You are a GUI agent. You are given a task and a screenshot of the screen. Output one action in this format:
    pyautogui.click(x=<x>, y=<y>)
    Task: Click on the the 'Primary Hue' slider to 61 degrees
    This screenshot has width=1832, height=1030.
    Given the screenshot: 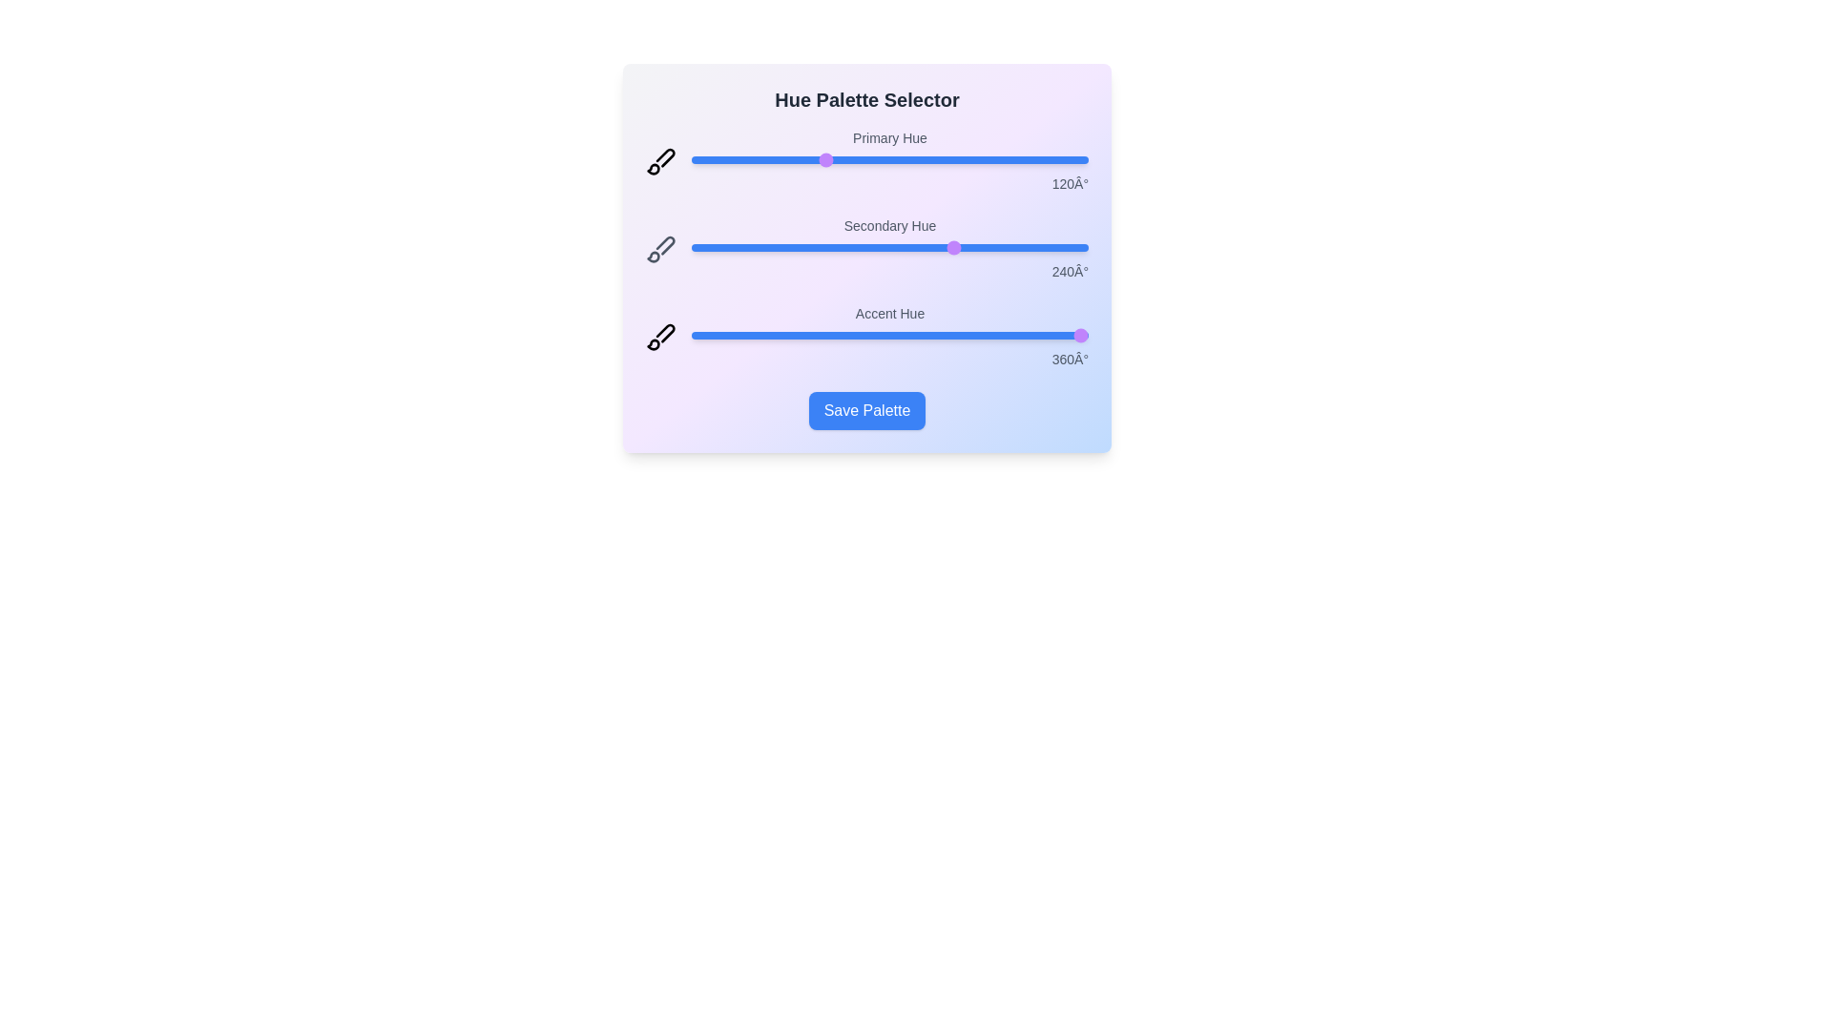 What is the action you would take?
    pyautogui.click(x=758, y=159)
    